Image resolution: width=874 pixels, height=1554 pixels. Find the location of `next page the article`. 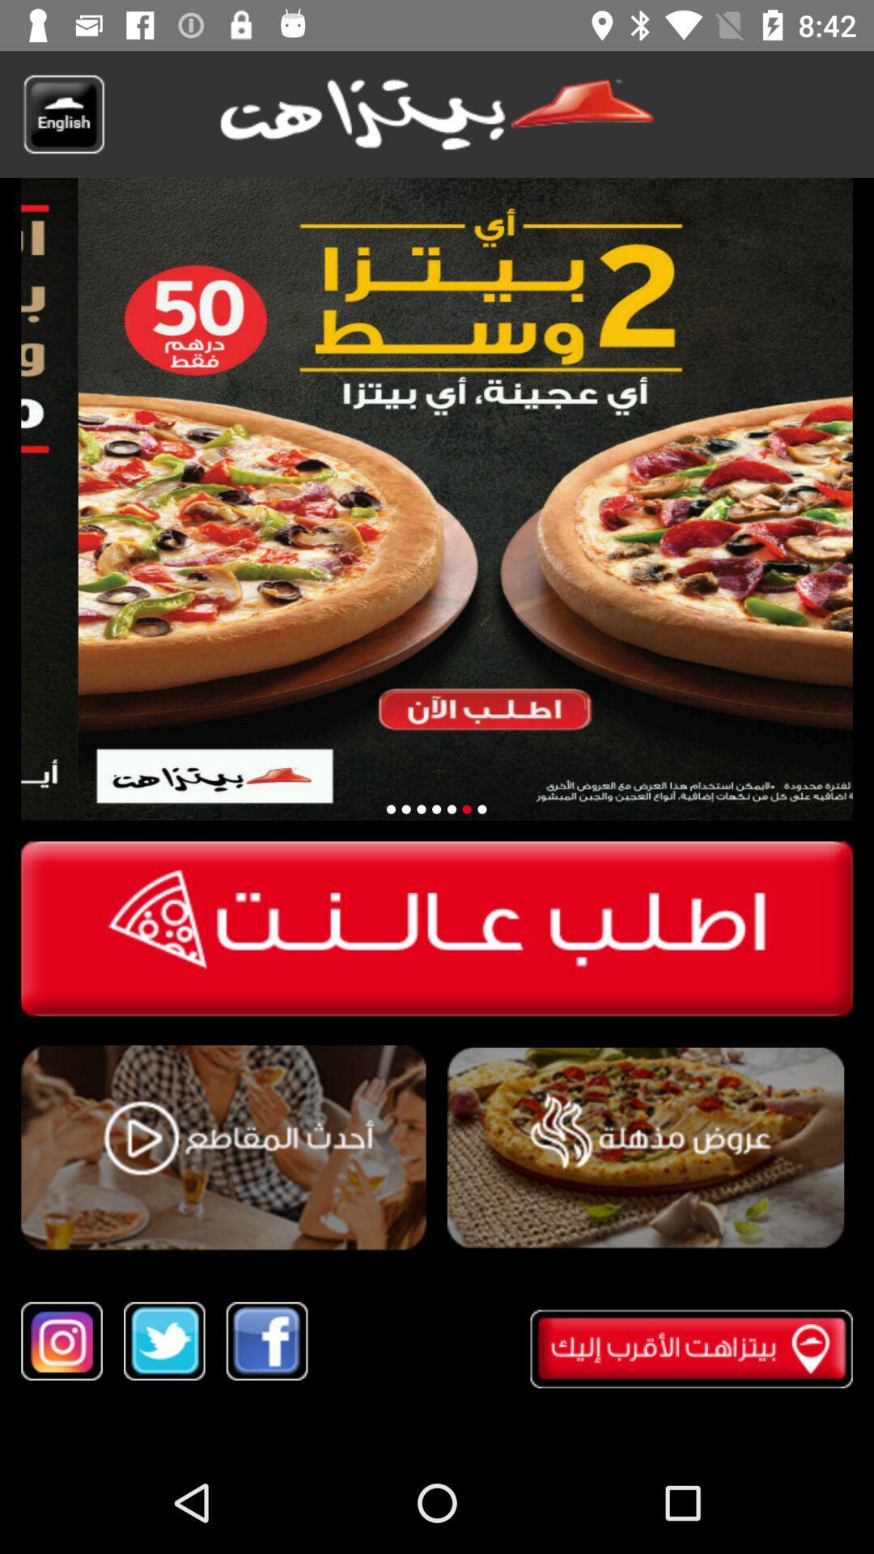

next page the article is located at coordinates (481, 809).